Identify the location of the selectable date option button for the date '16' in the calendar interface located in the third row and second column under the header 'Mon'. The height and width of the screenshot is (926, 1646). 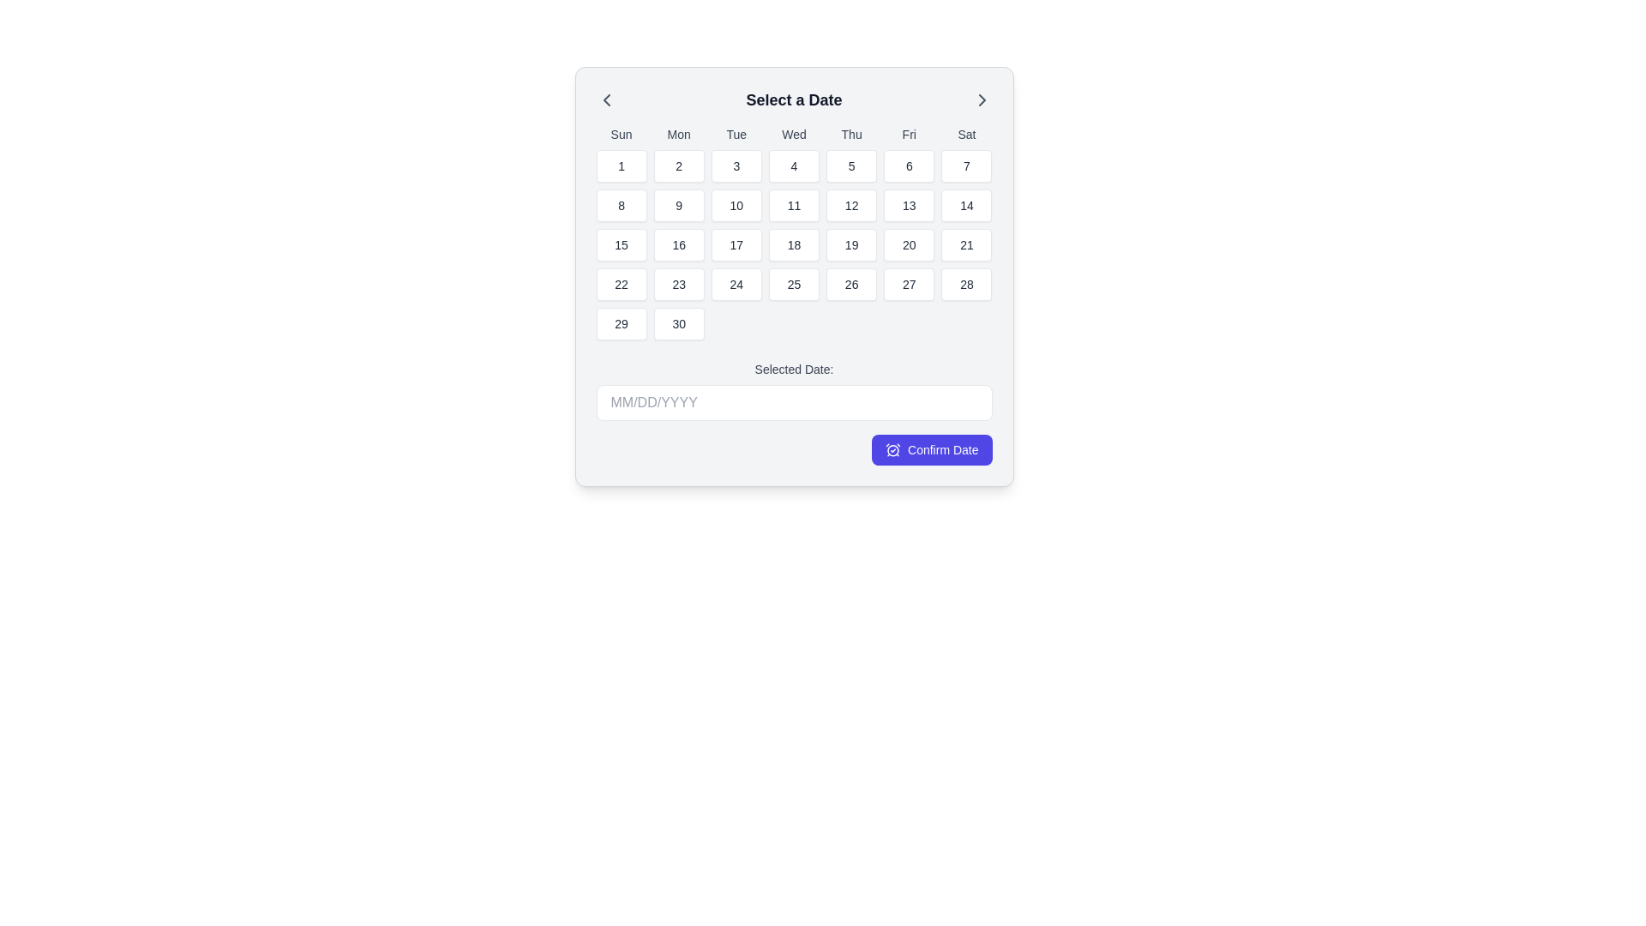
(678, 244).